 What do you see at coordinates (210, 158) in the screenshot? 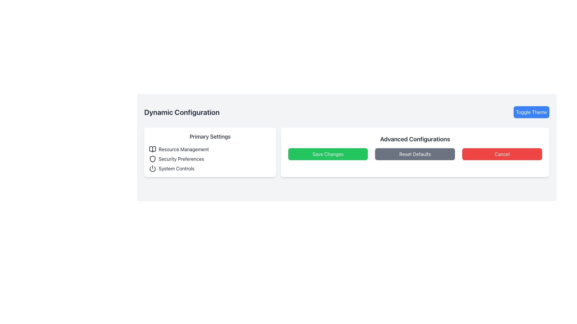
I see `the icons in the settings menu located within the white card labeled 'Primary Settings'` at bounding box center [210, 158].